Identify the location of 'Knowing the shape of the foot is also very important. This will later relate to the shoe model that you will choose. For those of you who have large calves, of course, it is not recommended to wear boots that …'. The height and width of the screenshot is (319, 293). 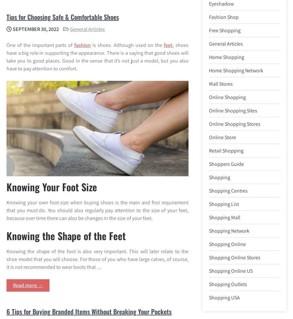
(97, 259).